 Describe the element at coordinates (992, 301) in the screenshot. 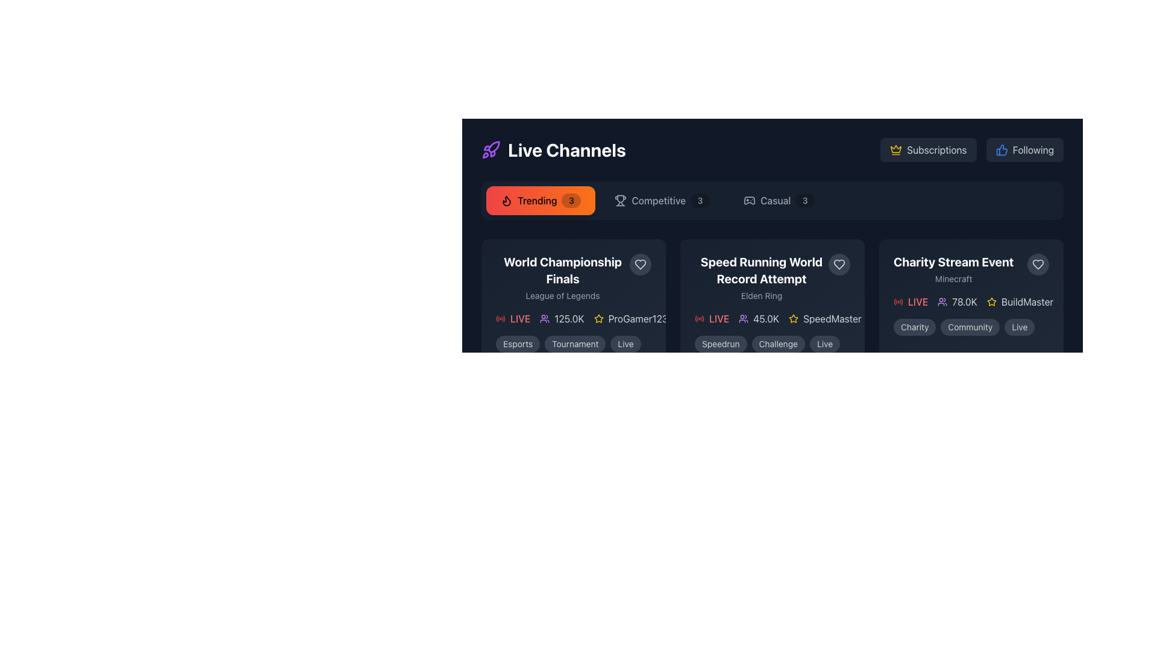

I see `the rating icon located in the second card under the 'Live Channels' header, adjacent to the viewer count and close to the name of the streamer to interact with it` at that location.